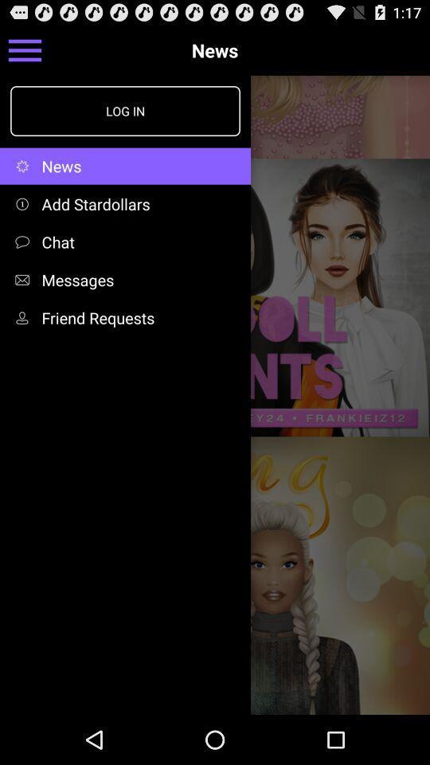 The image size is (430, 765). What do you see at coordinates (24, 49) in the screenshot?
I see `open menu` at bounding box center [24, 49].